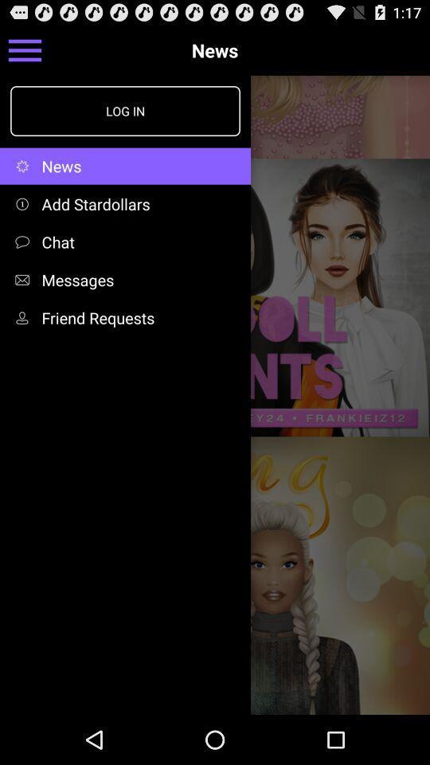 The image size is (430, 765). What do you see at coordinates (24, 49) in the screenshot?
I see `open menu` at bounding box center [24, 49].